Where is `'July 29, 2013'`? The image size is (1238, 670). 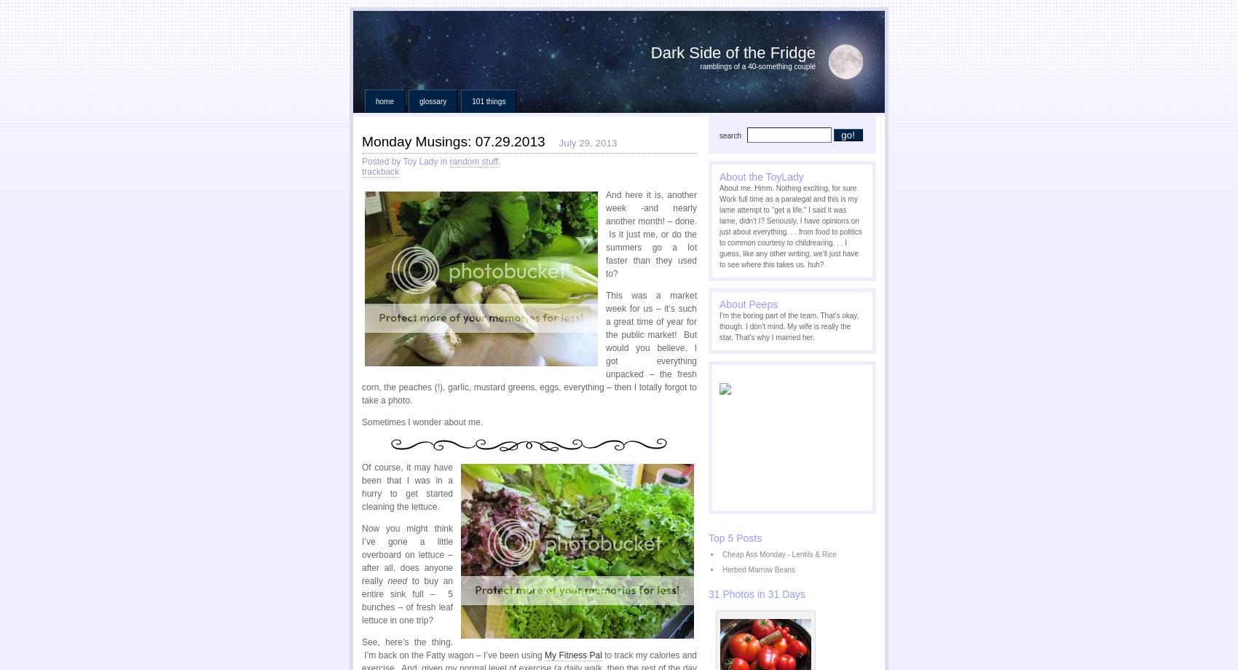
'July 29, 2013' is located at coordinates (586, 142).